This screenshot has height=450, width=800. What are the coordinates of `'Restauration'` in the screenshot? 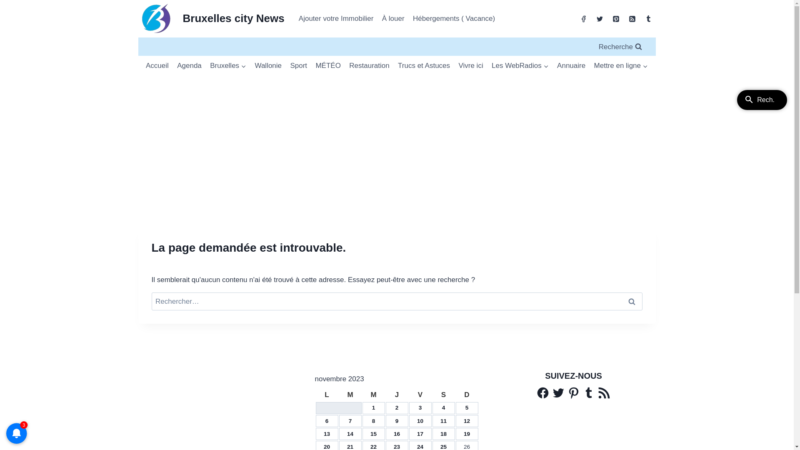 It's located at (369, 65).